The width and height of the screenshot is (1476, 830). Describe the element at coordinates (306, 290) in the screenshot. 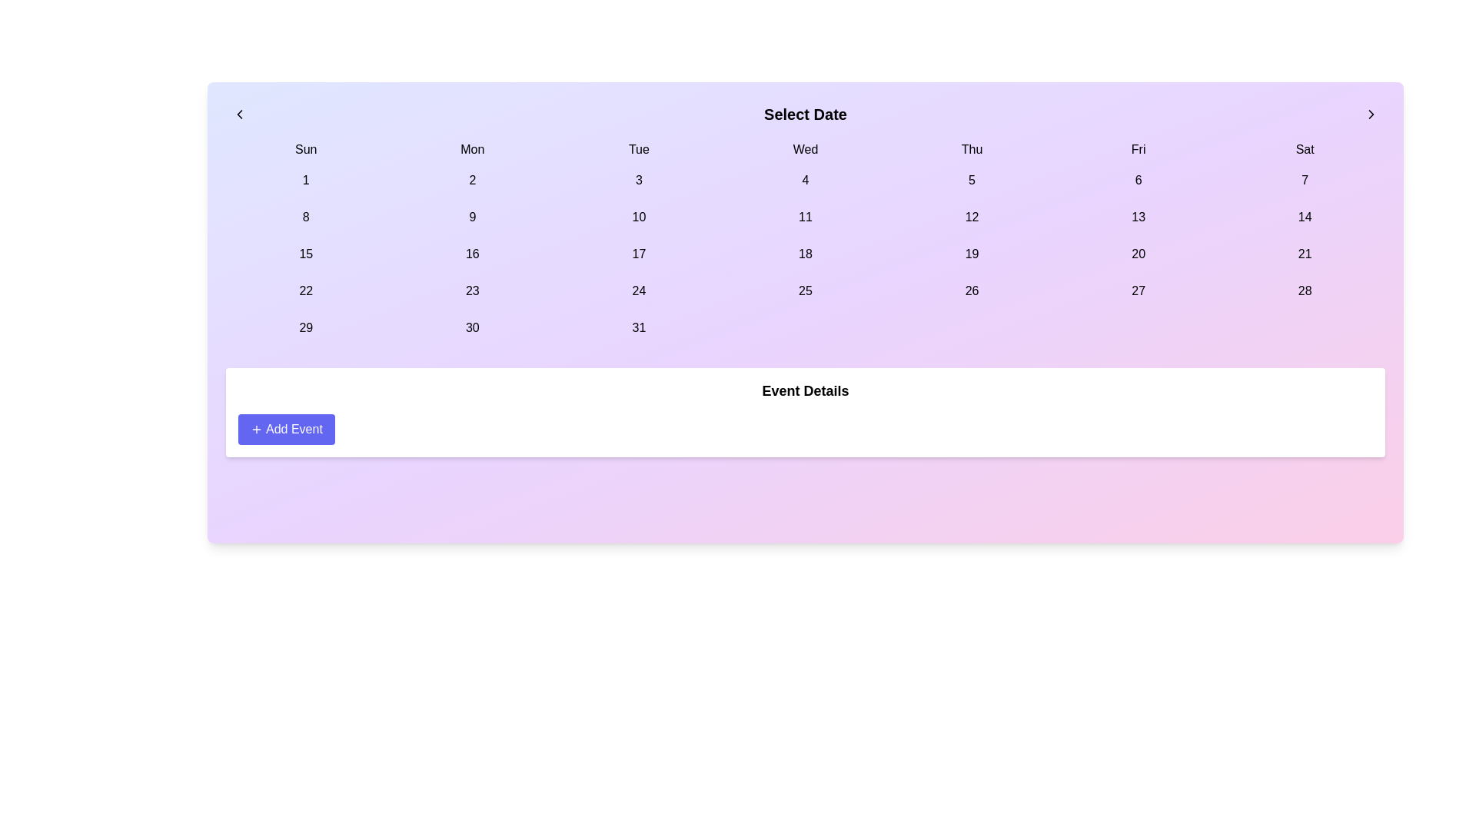

I see `the button displaying the number '22' in large, bold black text, which is located in the fourth row of a calendar-like grid layout` at that location.